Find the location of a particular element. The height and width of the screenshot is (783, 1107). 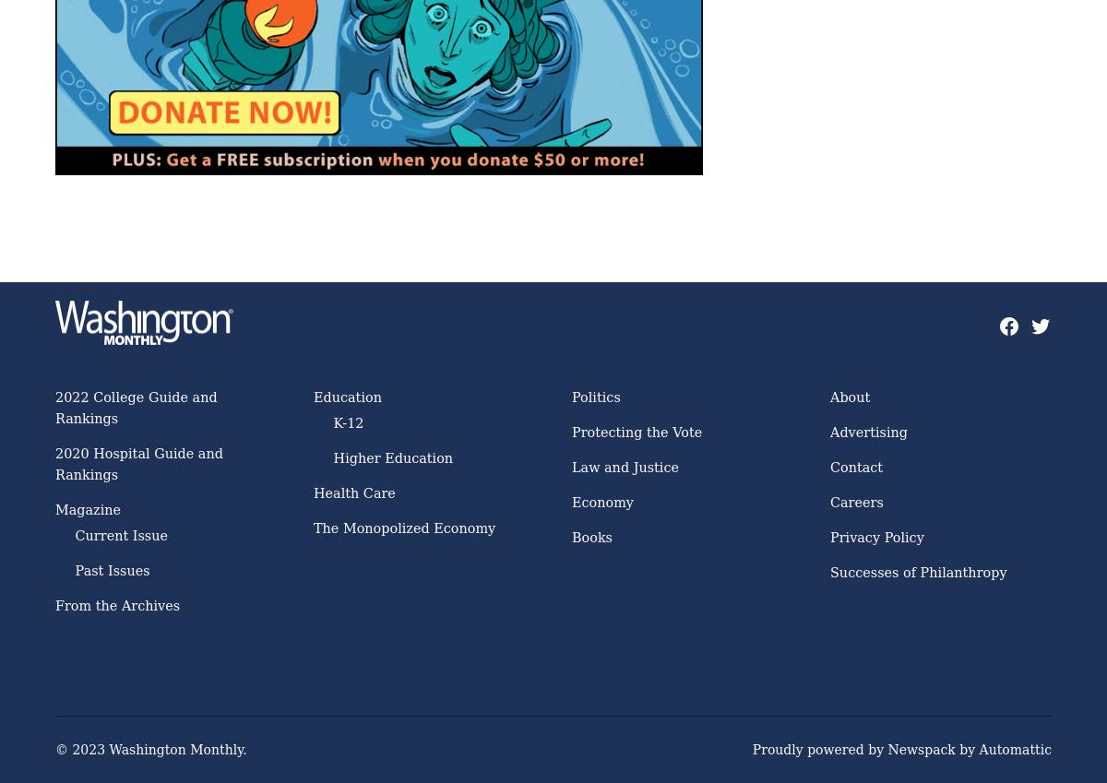

'Proudly powered by Newspack by Automattic' is located at coordinates (901, 750).